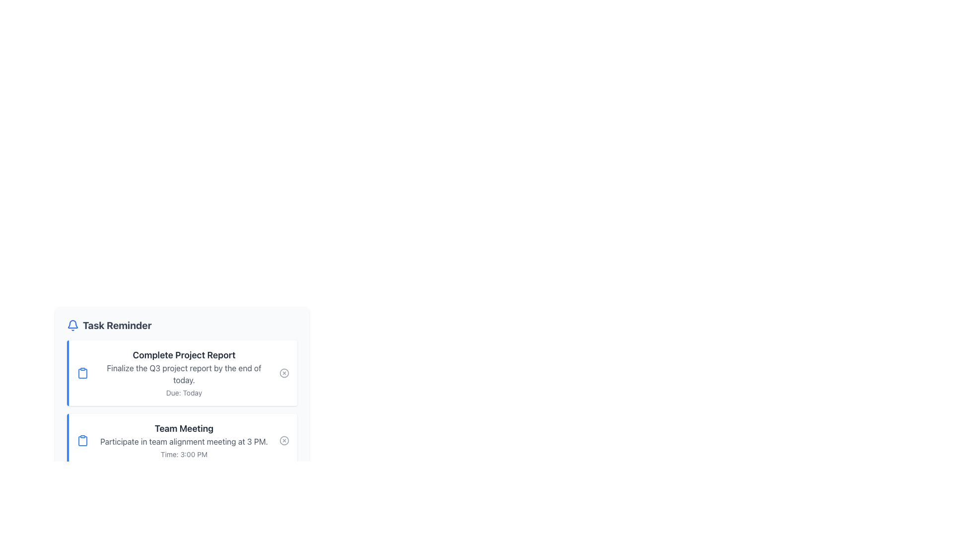  What do you see at coordinates (83, 440) in the screenshot?
I see `the blue clipboard icon located on the second card in the 'Task Reminder' section, which is positioned next to the 'Team Meeting' text` at bounding box center [83, 440].